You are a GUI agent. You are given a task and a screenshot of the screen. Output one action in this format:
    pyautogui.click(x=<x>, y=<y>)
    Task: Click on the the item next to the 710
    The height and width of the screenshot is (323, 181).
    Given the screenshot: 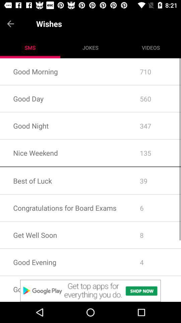 What is the action you would take?
    pyautogui.click(x=63, y=98)
    